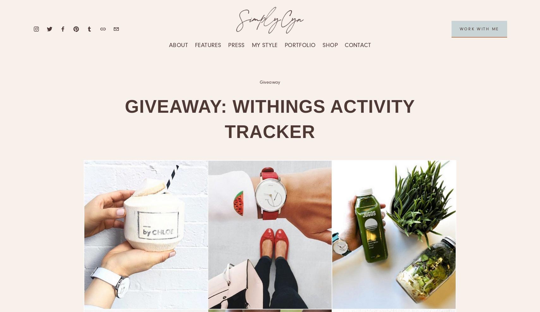 This screenshot has height=312, width=540. I want to click on 'Portfolio', so click(300, 45).